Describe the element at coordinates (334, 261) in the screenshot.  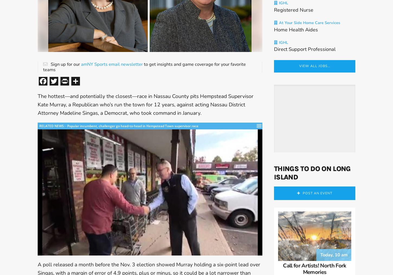
I see `'Today, 10 am'` at that location.